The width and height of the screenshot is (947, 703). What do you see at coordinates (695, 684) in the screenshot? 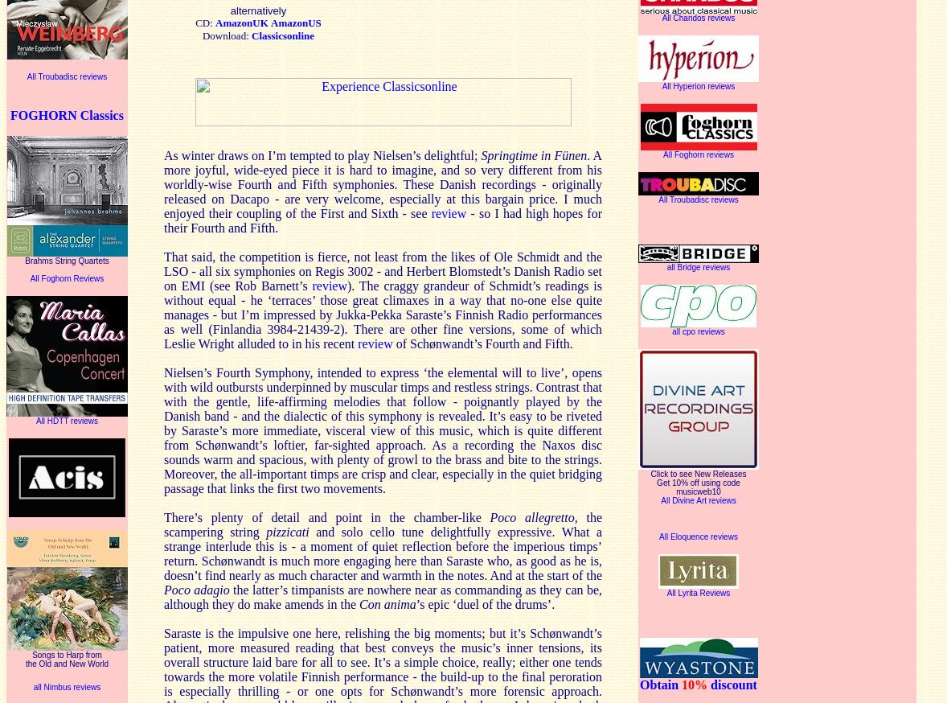
I see `'10%'` at bounding box center [695, 684].